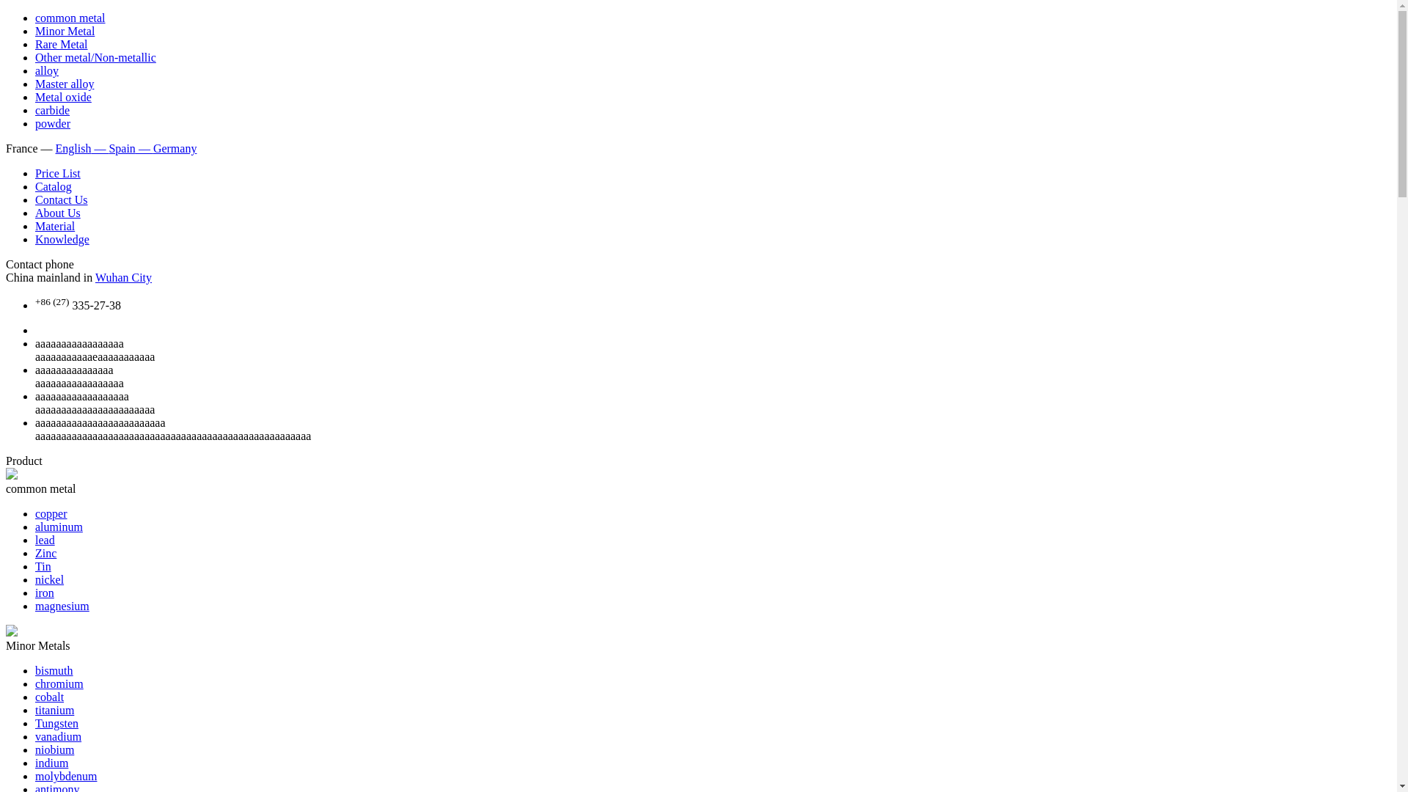  Describe the element at coordinates (35, 736) in the screenshot. I see `'vanadium'` at that location.